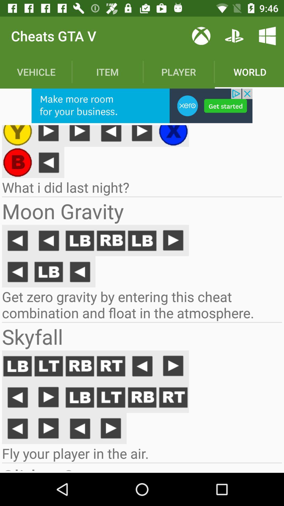 Image resolution: width=284 pixels, height=506 pixels. I want to click on advertisement option, so click(142, 105).